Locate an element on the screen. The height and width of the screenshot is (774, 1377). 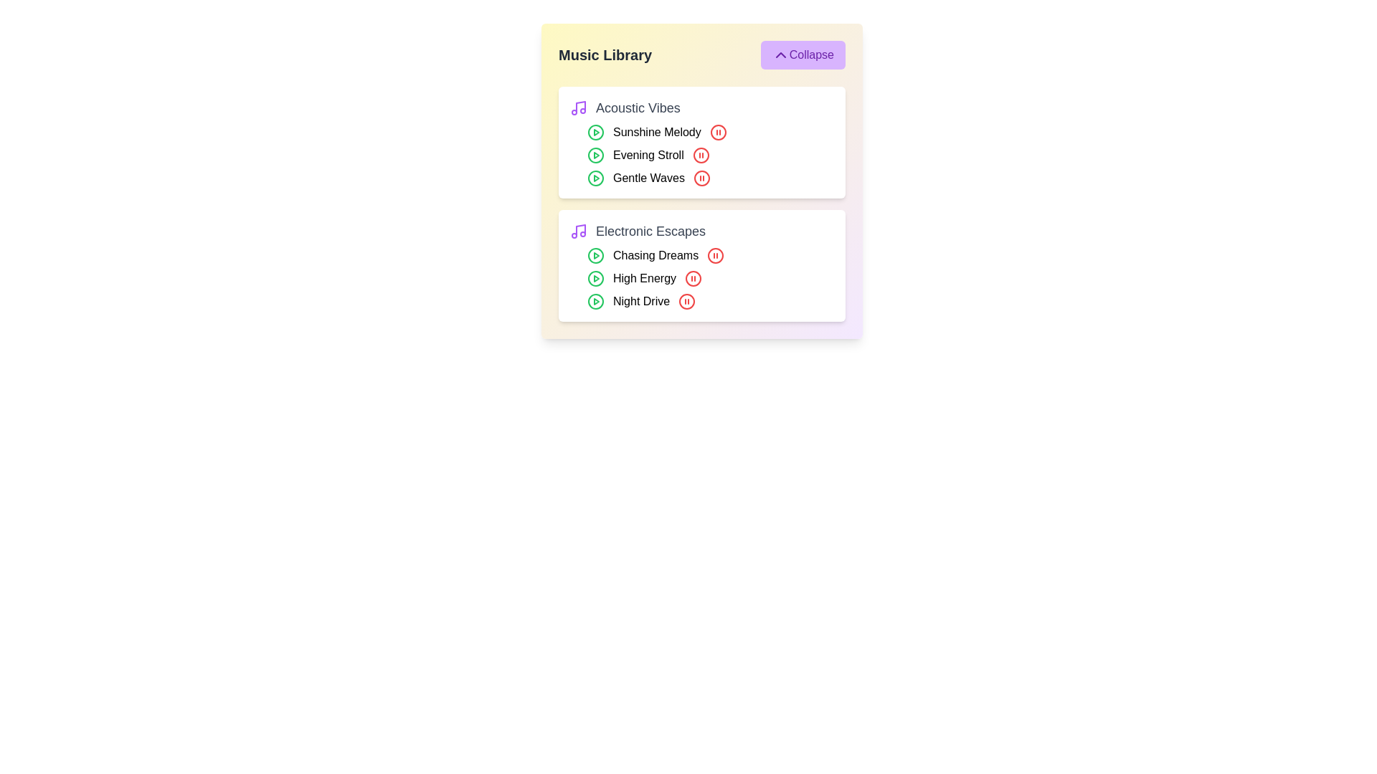
the play button for the track Night Drive is located at coordinates (595, 300).